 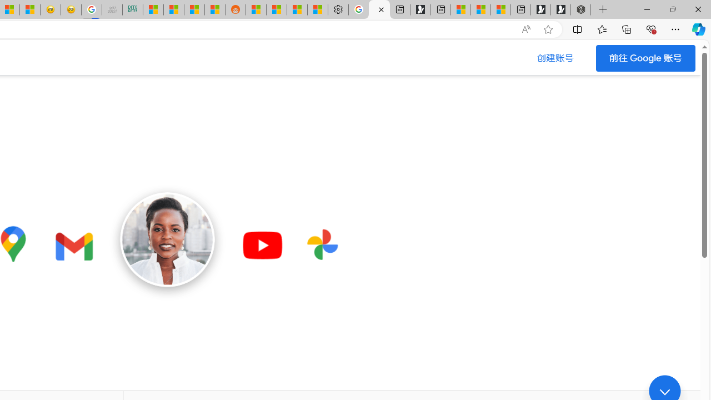 I want to click on 'R******* | Trusted Community Engagement and Contributions', so click(x=255, y=9).